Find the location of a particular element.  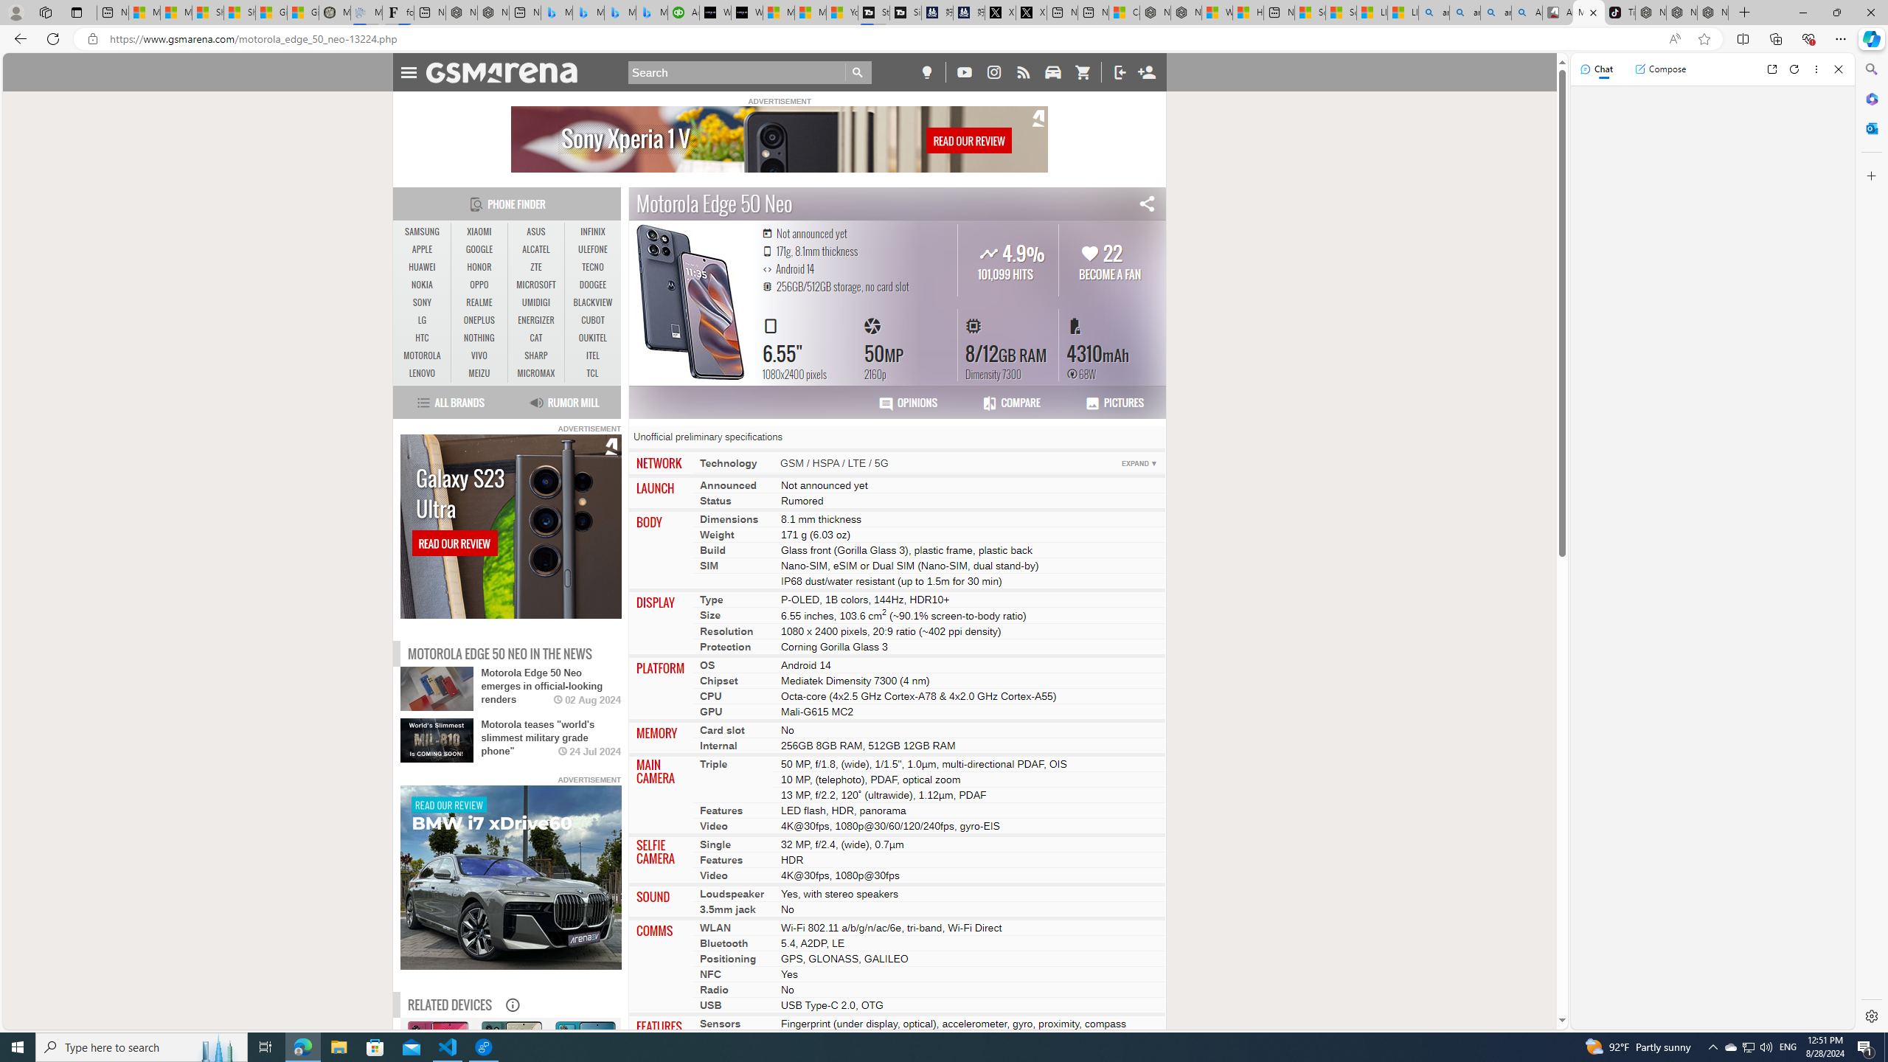

'Outlook' is located at coordinates (1870, 127).